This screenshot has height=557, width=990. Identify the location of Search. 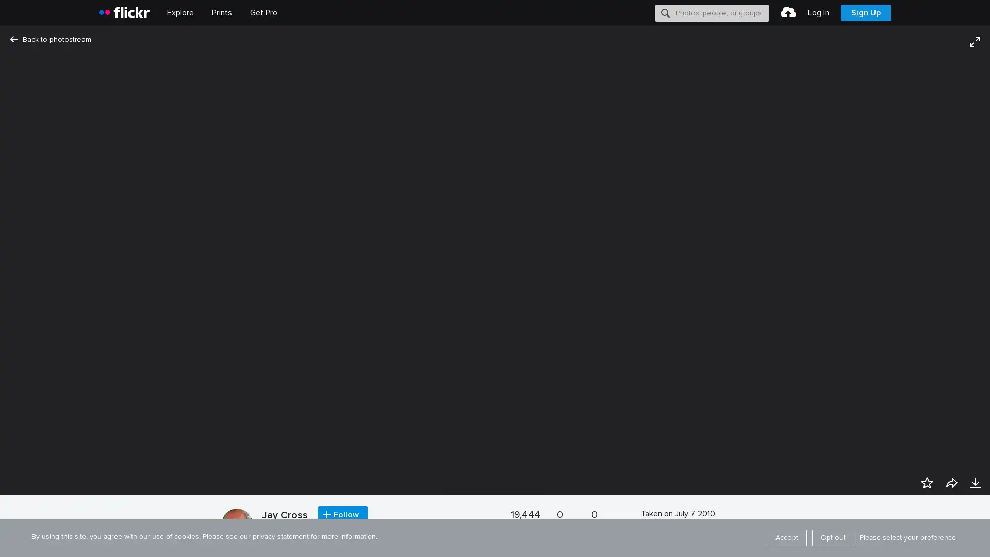
(666, 12).